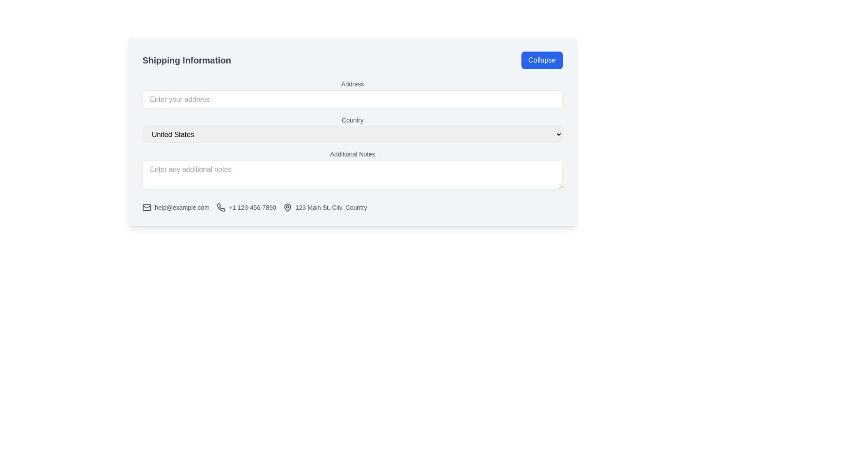 Image resolution: width=847 pixels, height=476 pixels. I want to click on the phone icon located in the footer section of the Shipping Information card, which is styled with a grayish color and resembles a telephone receiver, positioned next to the phone number '+1 123-456-7890', so click(221, 207).